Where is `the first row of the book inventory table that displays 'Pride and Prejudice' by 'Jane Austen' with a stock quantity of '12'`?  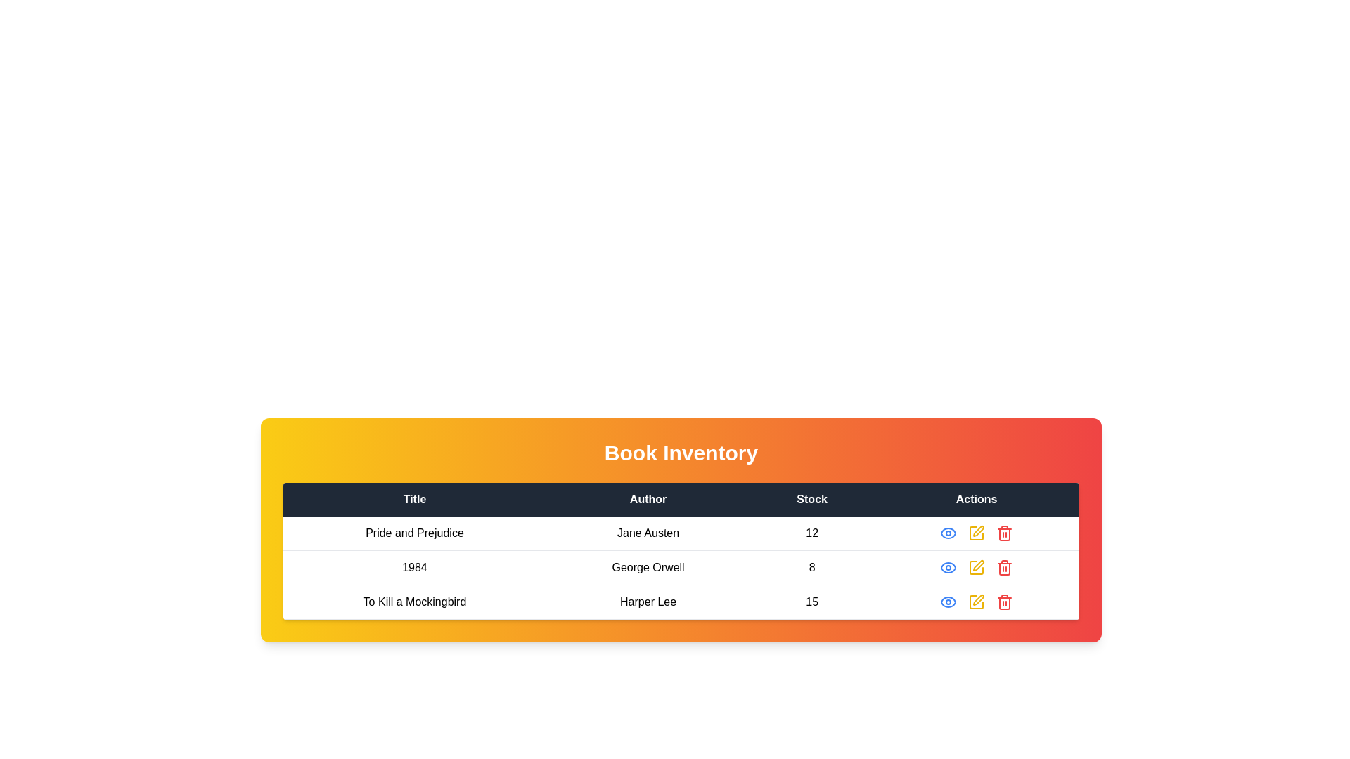
the first row of the book inventory table that displays 'Pride and Prejudice' by 'Jane Austen' with a stock quantity of '12' is located at coordinates (681, 533).